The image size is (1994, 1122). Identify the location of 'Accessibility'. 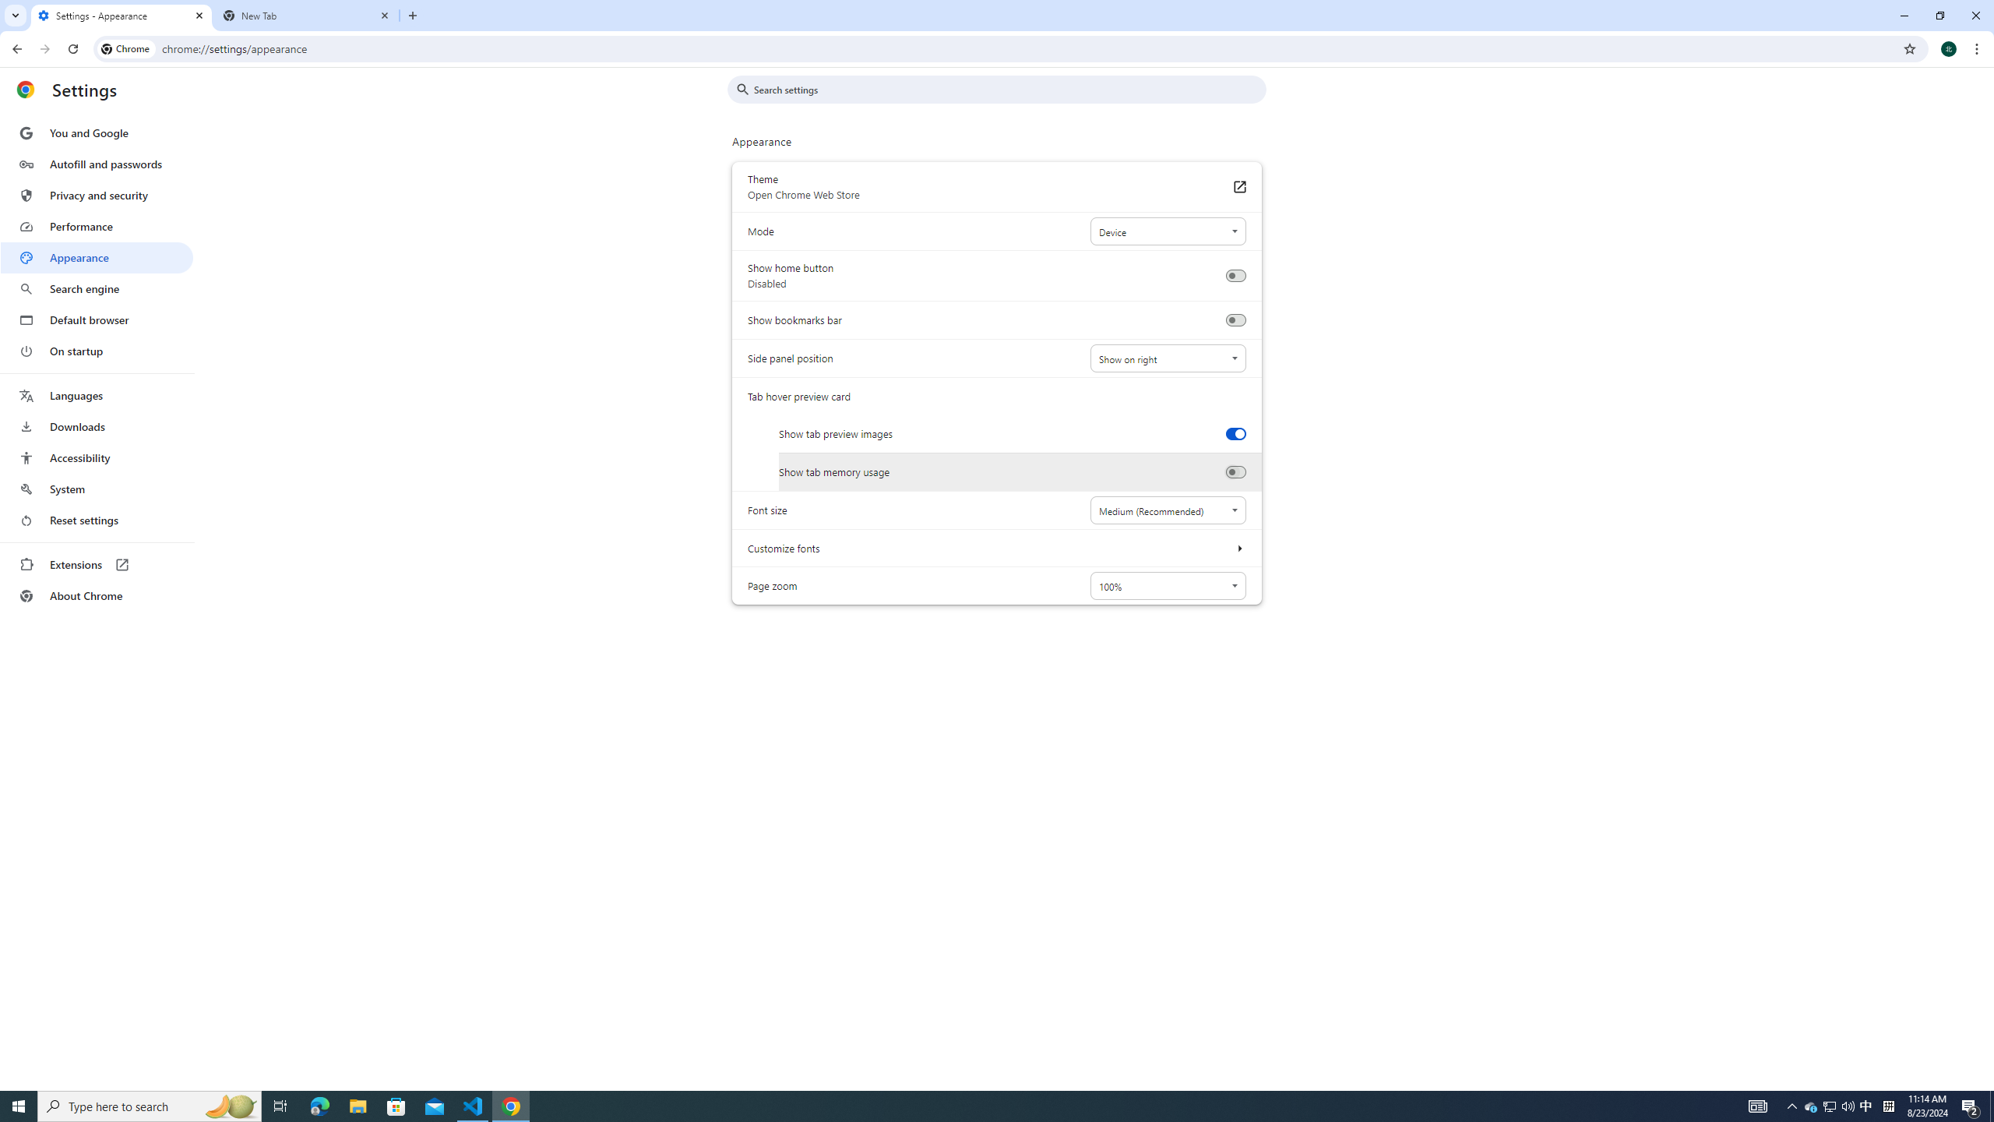
(96, 457).